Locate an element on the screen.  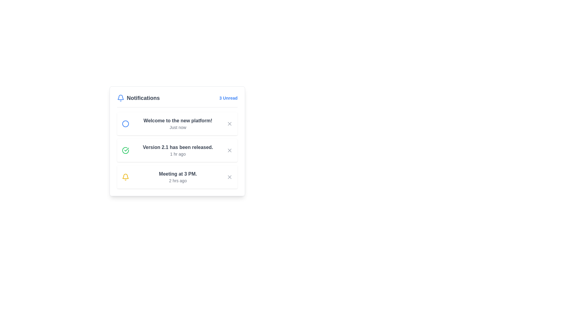
the green circular icon with a checkmark indicating a successful status, located to the left of the notification stating 'Version 2.1 has been released.' is located at coordinates (125, 150).